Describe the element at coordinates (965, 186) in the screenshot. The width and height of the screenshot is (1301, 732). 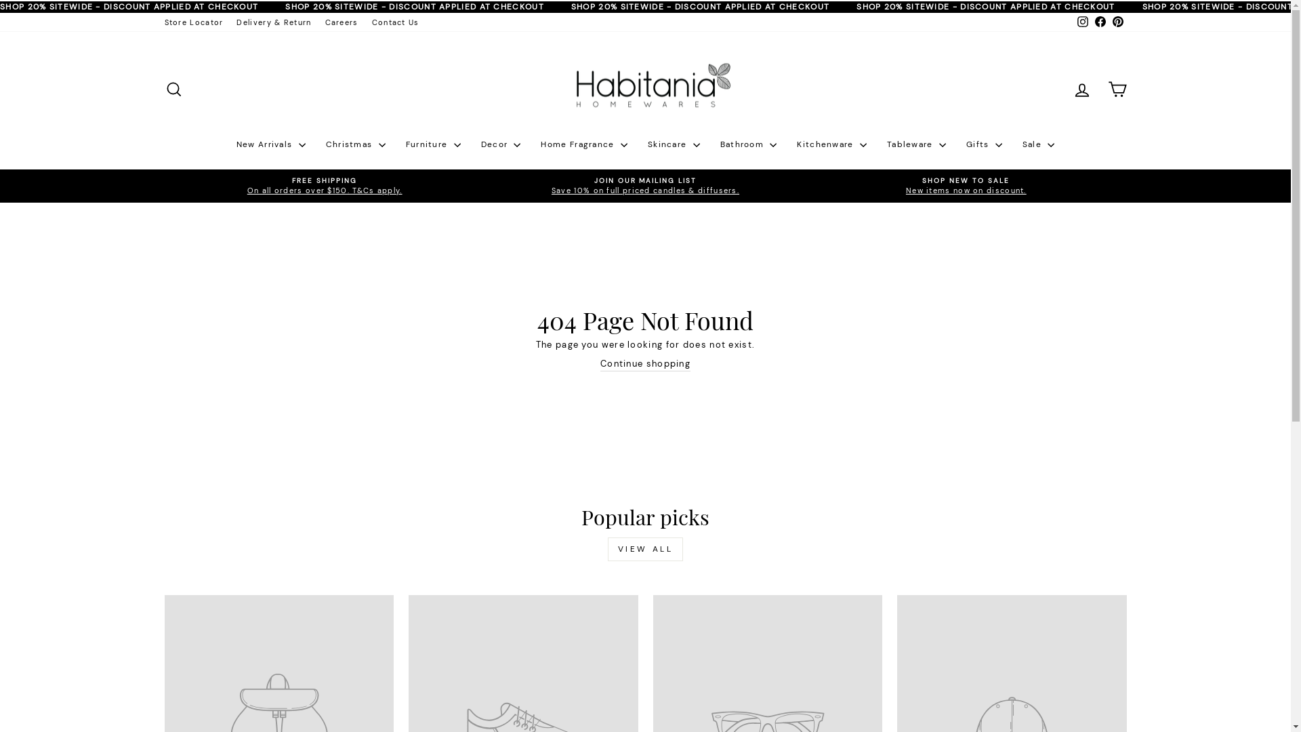
I see `'SHOP NEW TO SALE` at that location.